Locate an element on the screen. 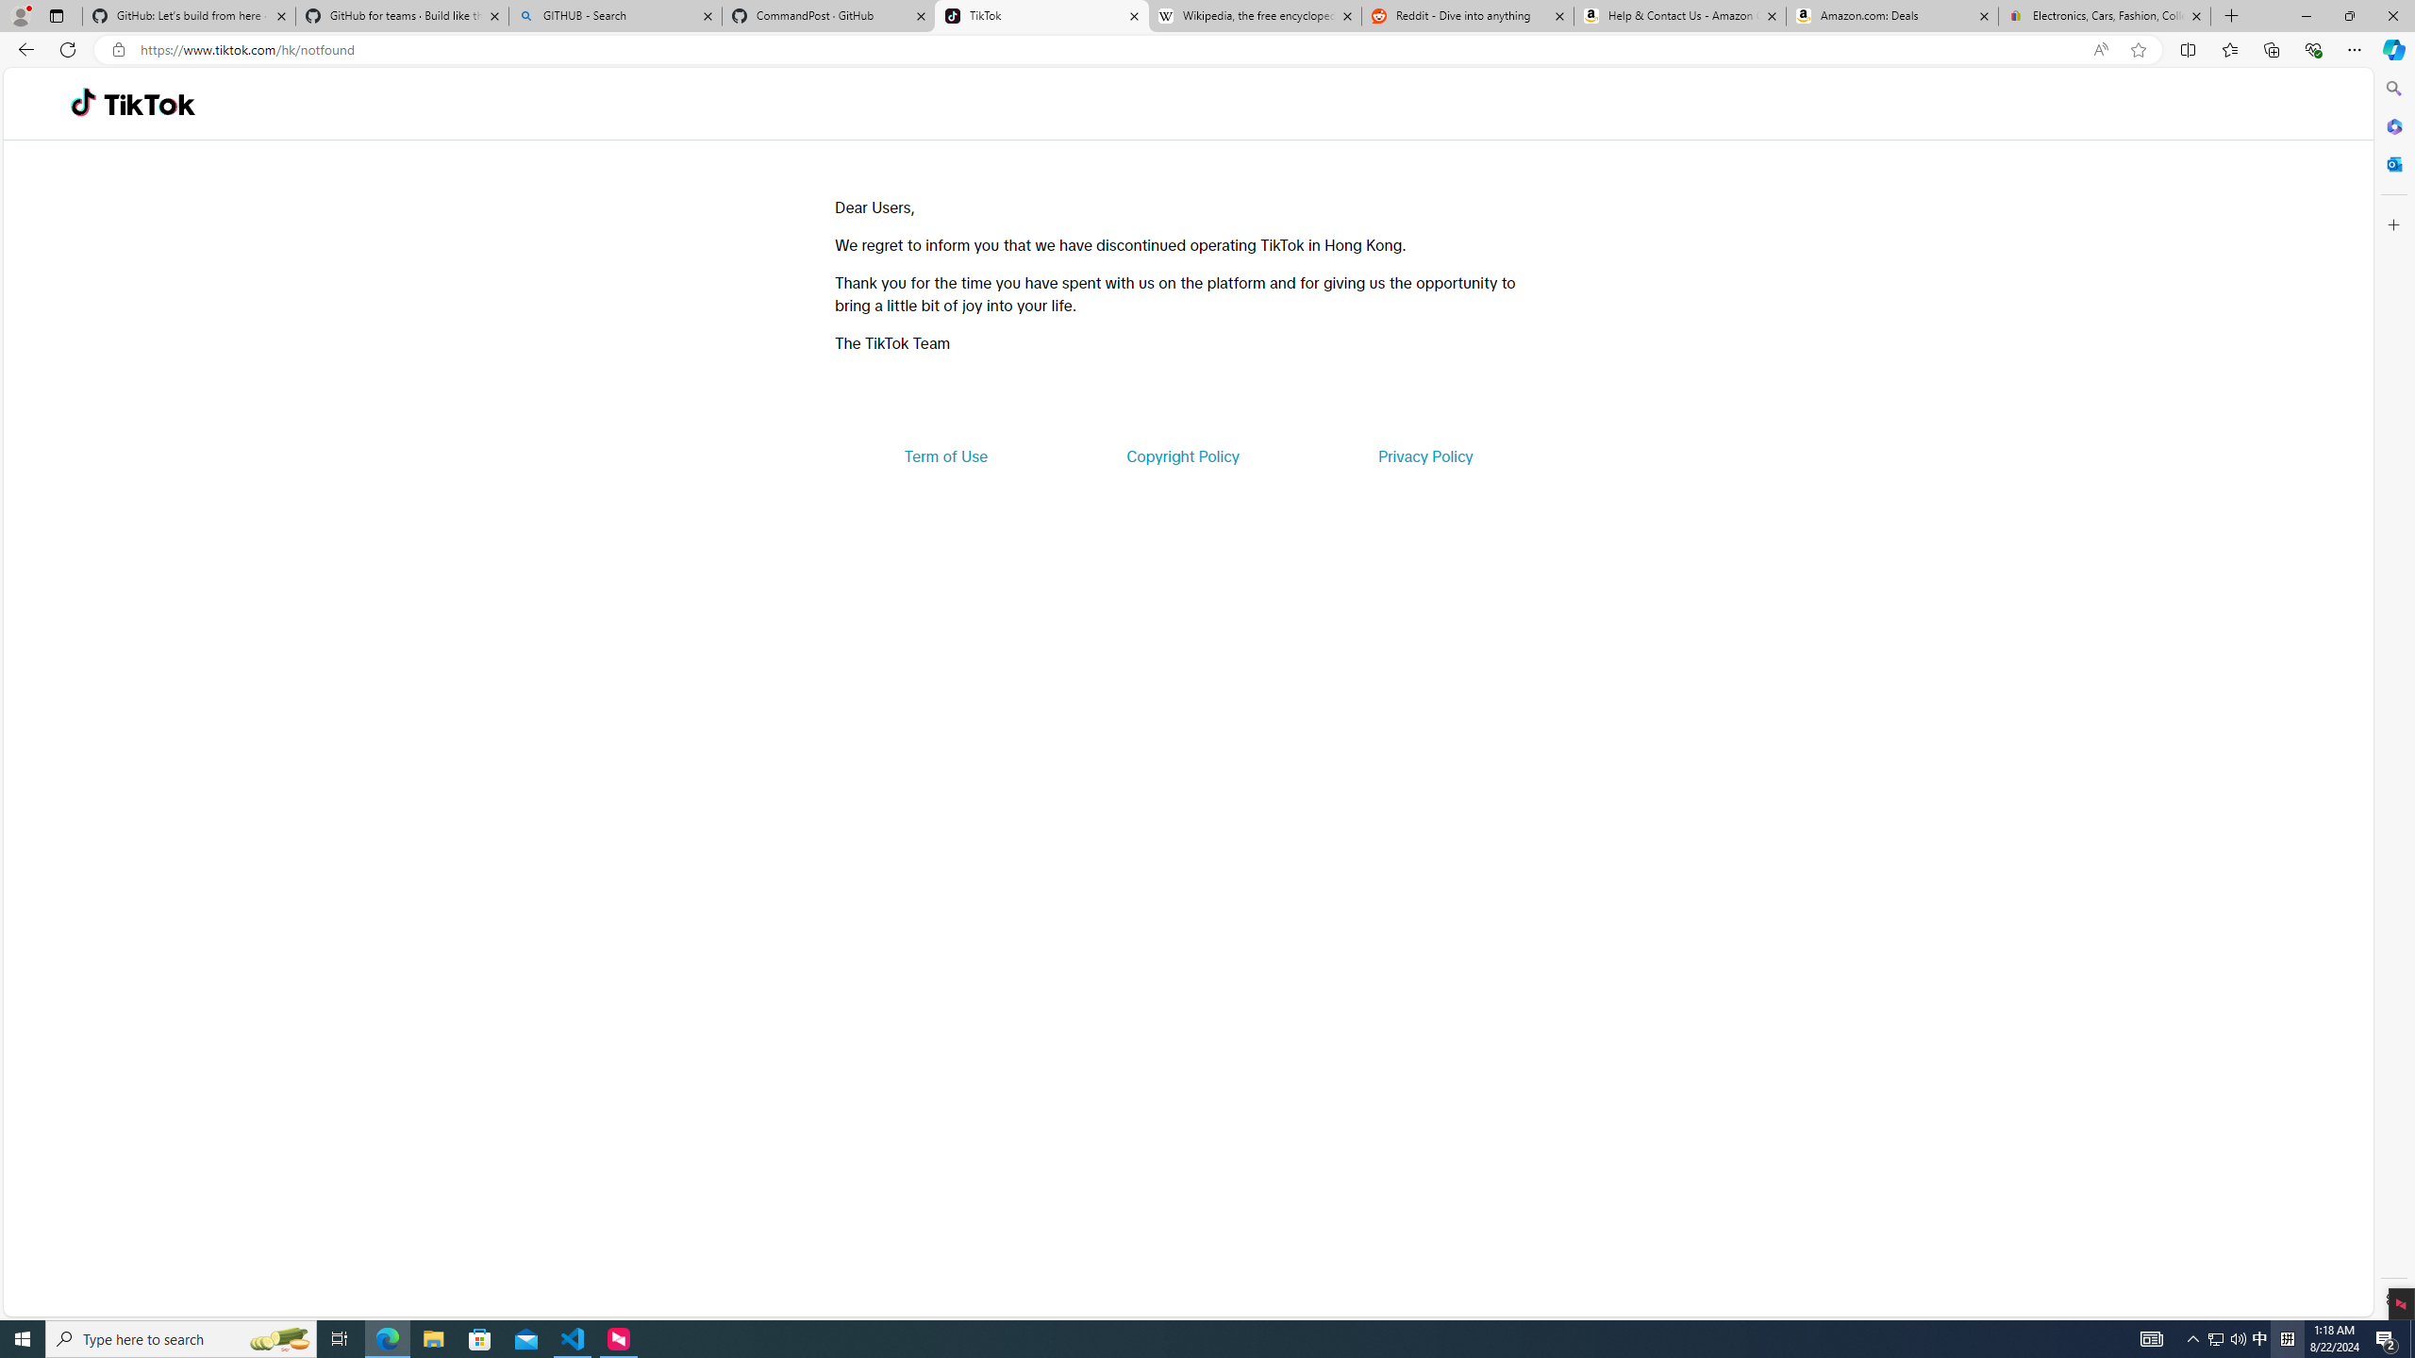 The height and width of the screenshot is (1358, 2415). 'Wikipedia, the free encyclopedia' is located at coordinates (1253, 15).